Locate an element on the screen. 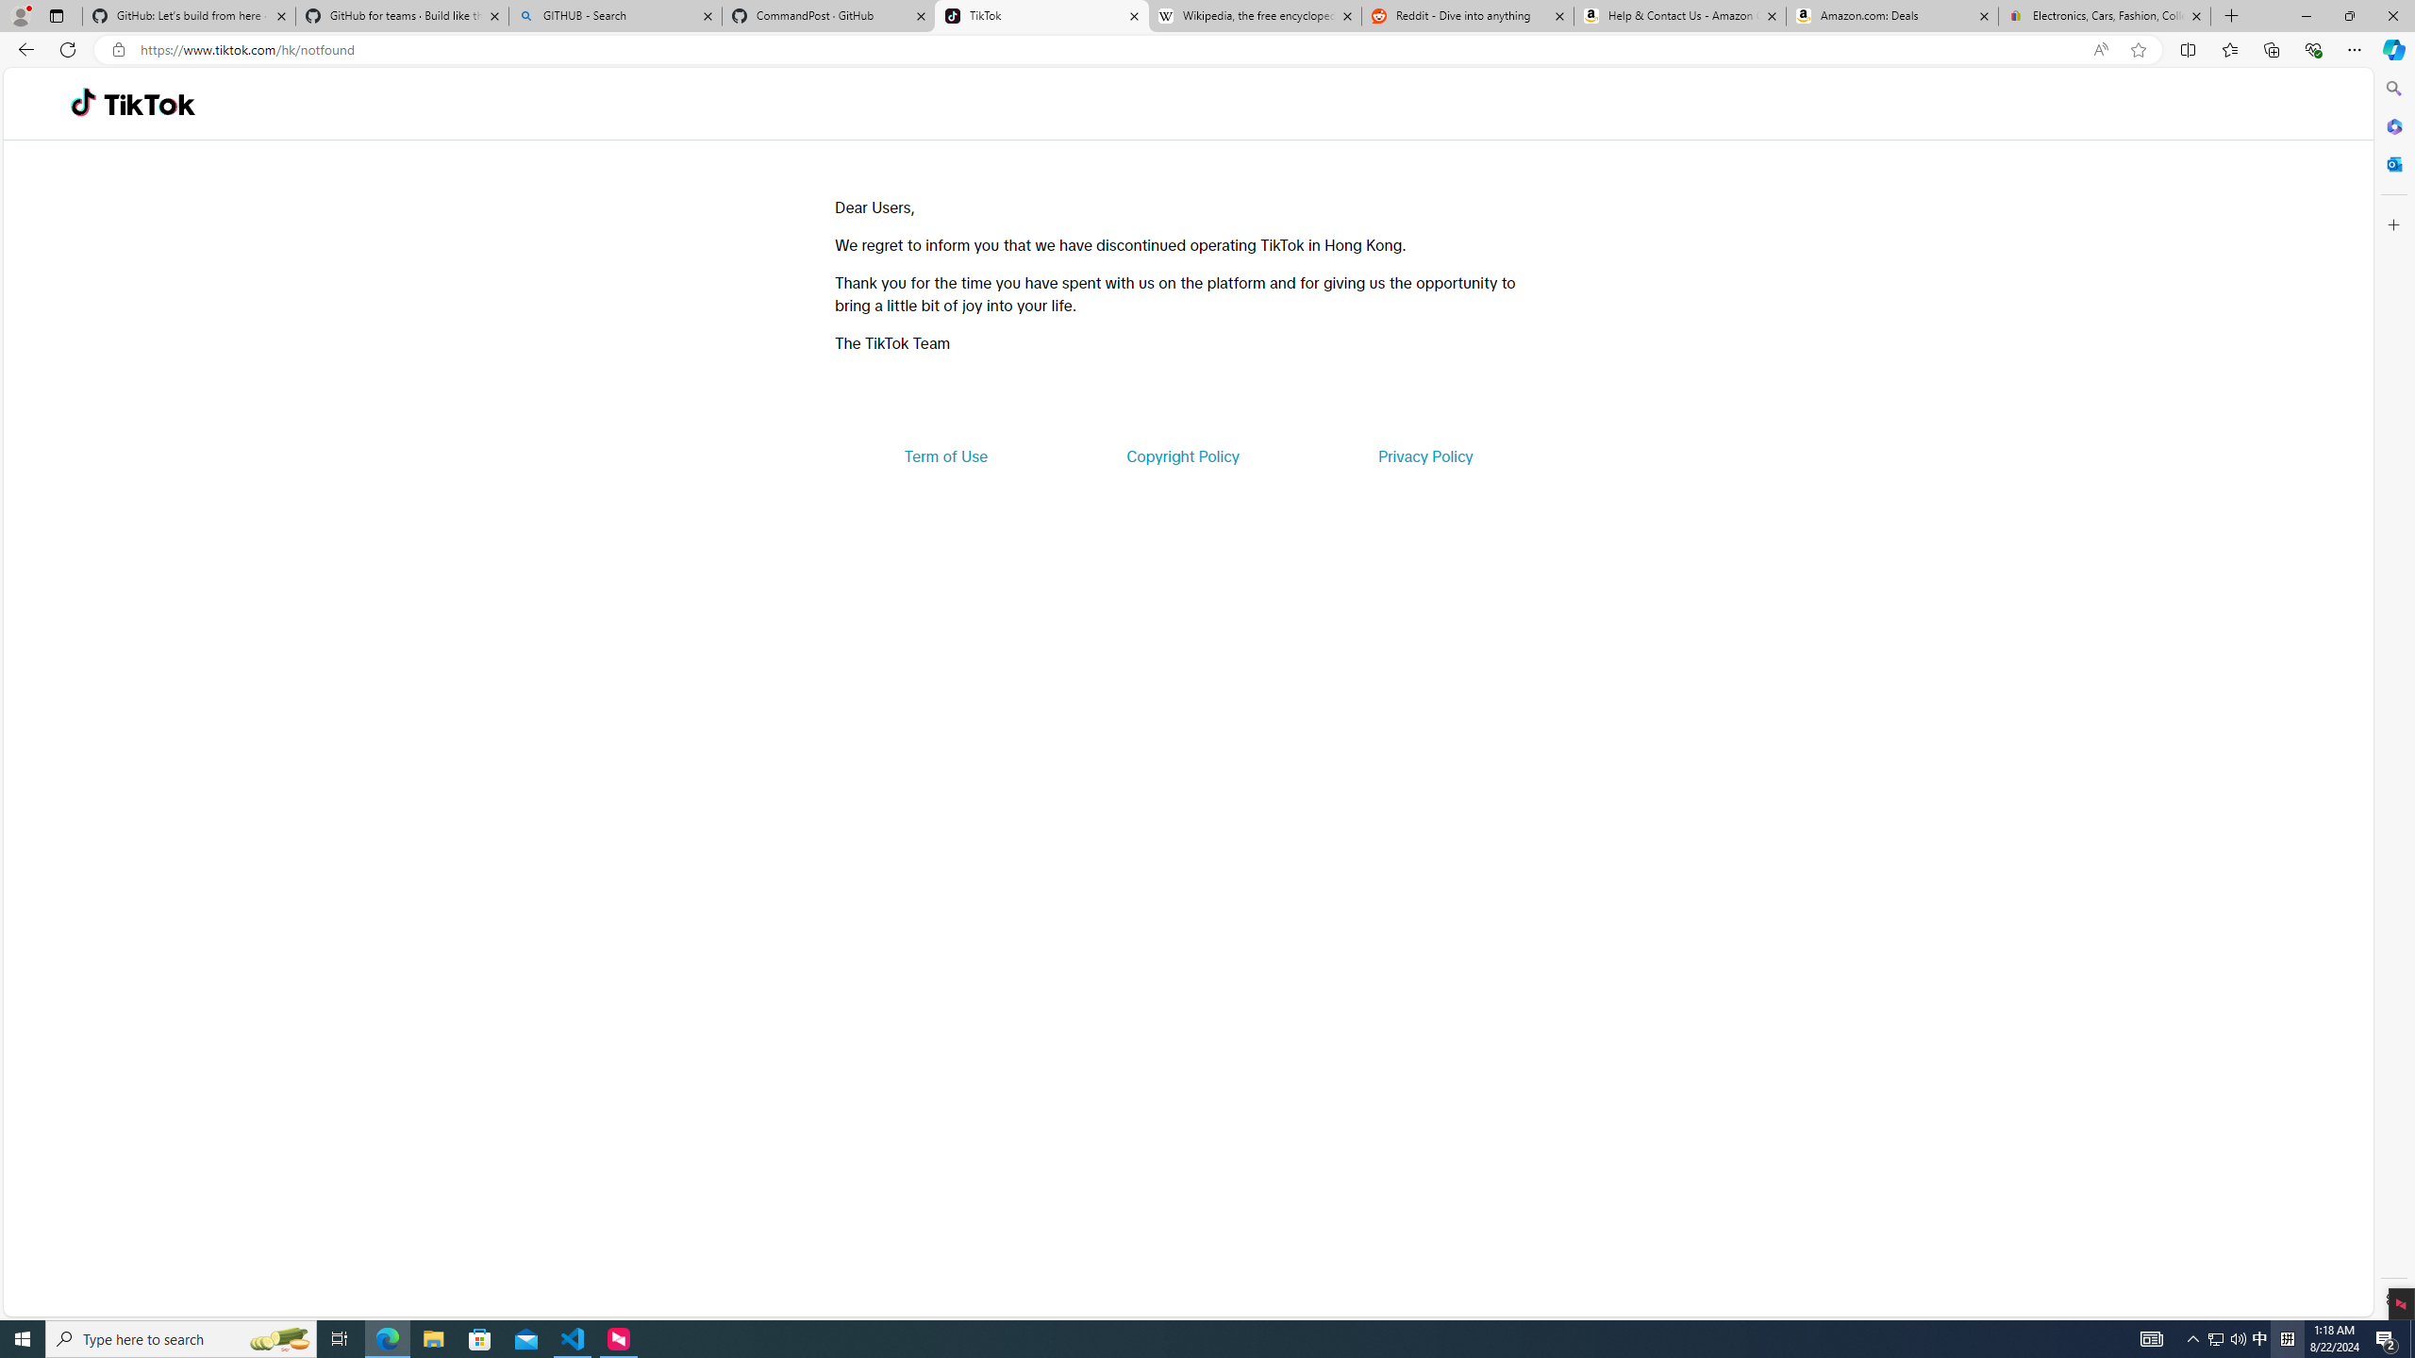 The height and width of the screenshot is (1358, 2415). 'Wikipedia, the free encyclopedia' is located at coordinates (1253, 15).